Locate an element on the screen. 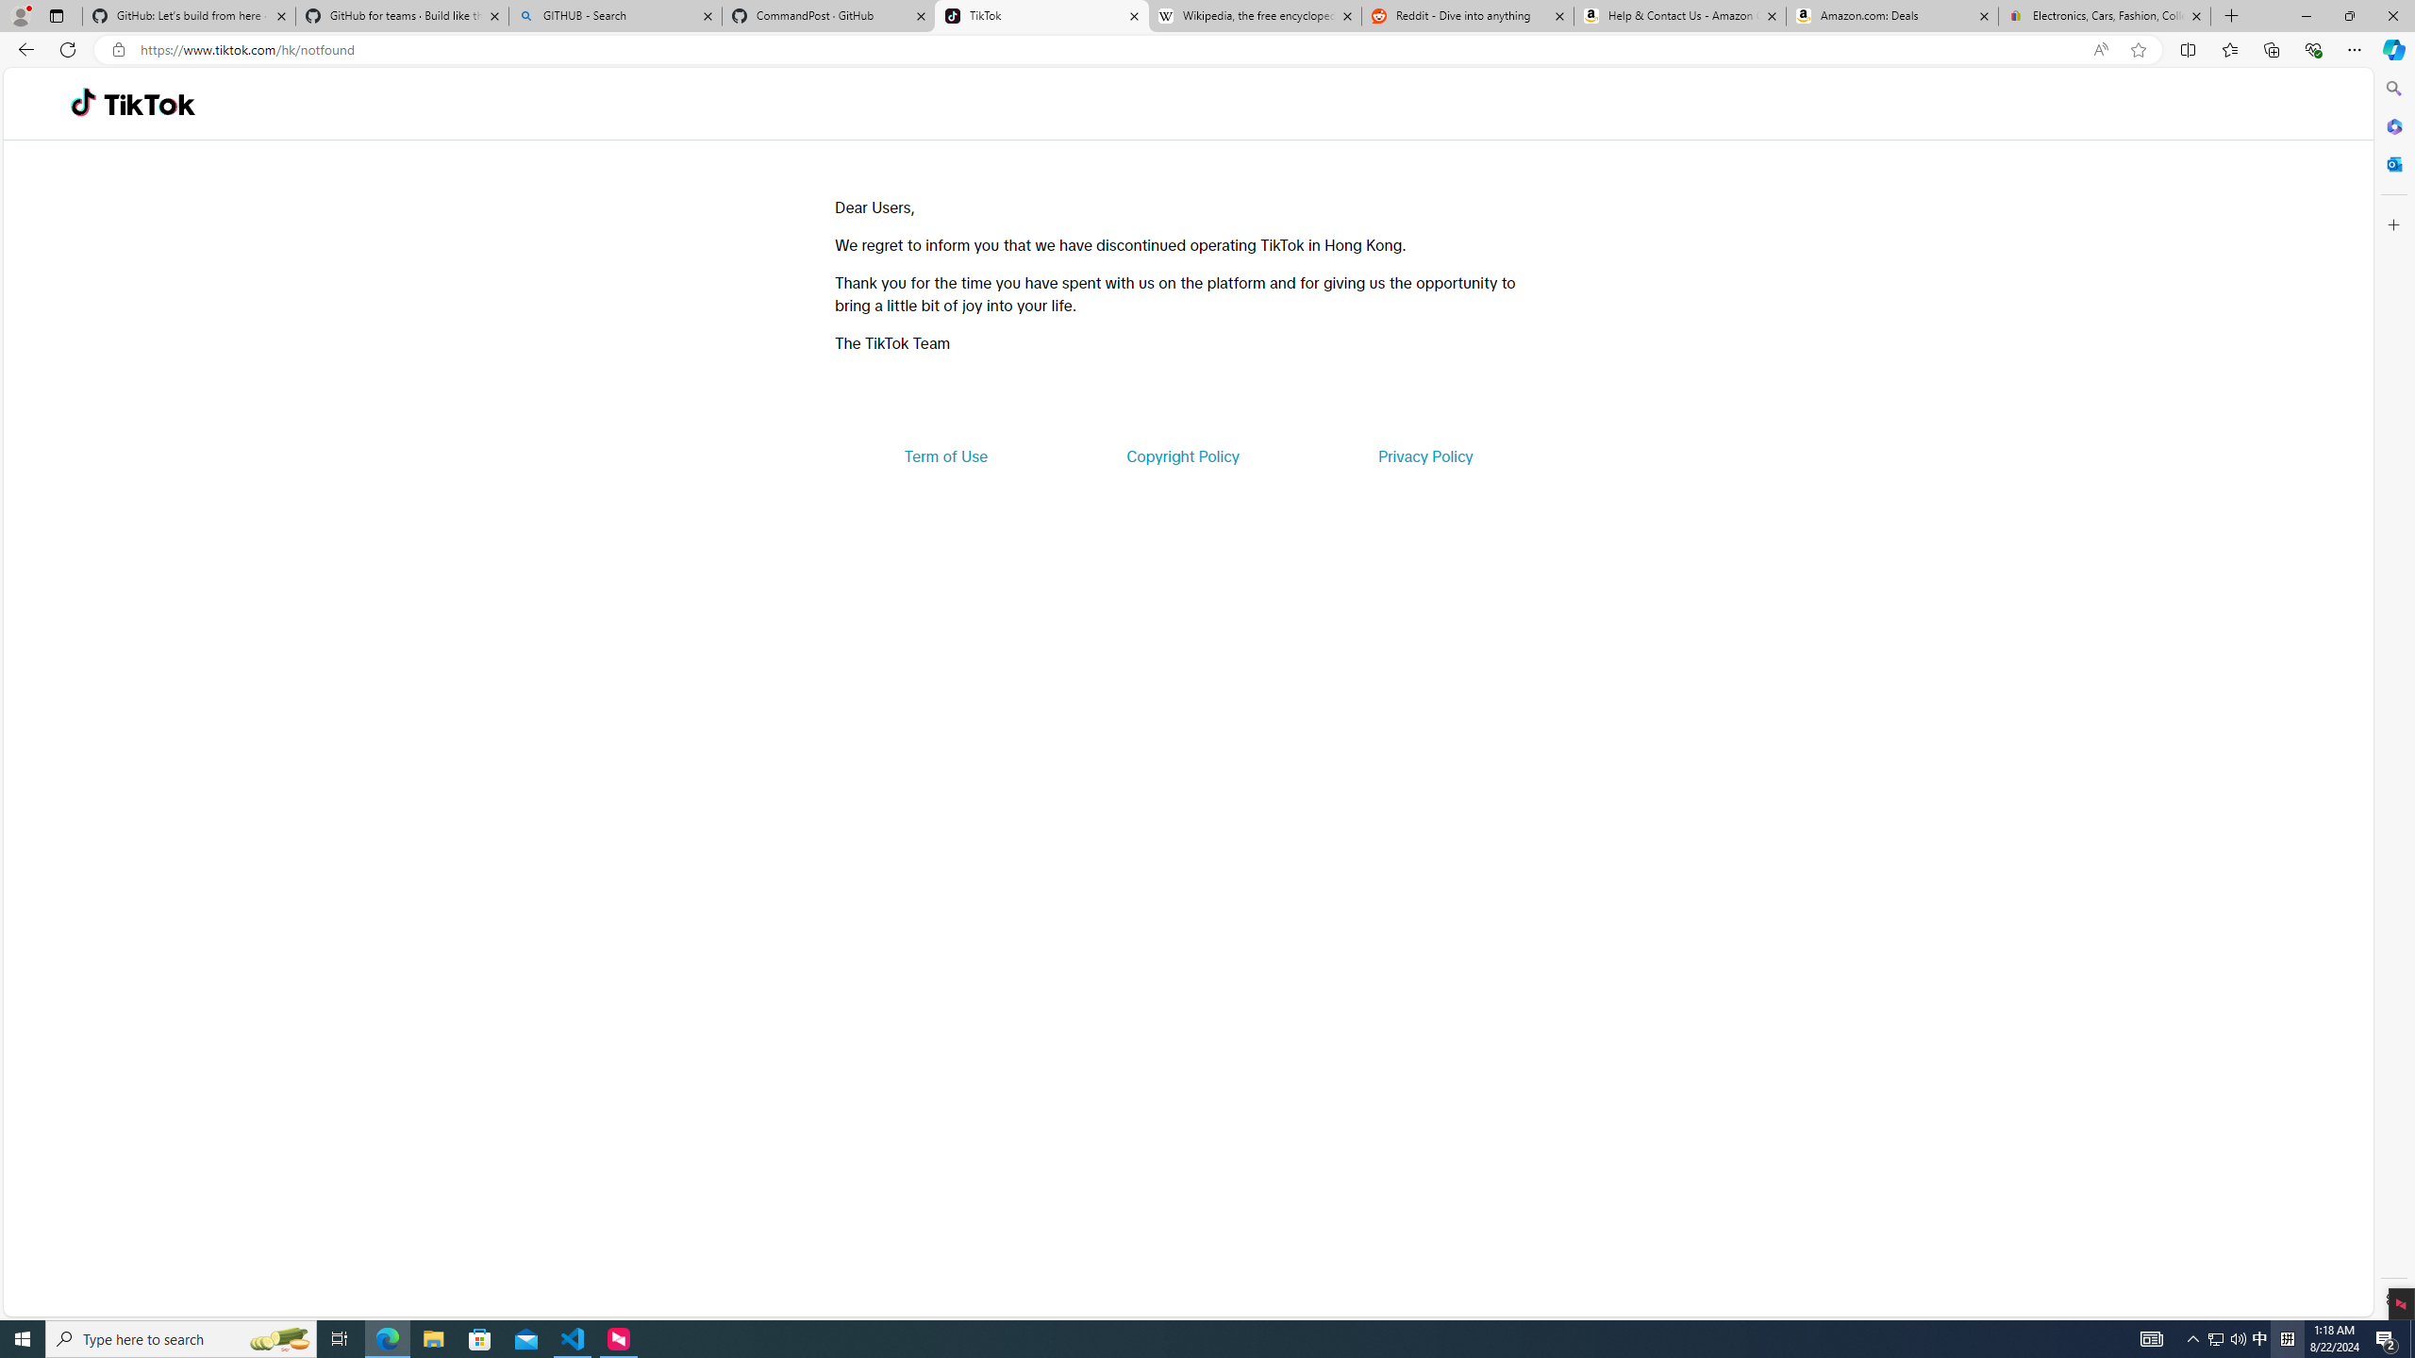 The height and width of the screenshot is (1358, 2415). 'Wikipedia, the free encyclopedia' is located at coordinates (1253, 15).